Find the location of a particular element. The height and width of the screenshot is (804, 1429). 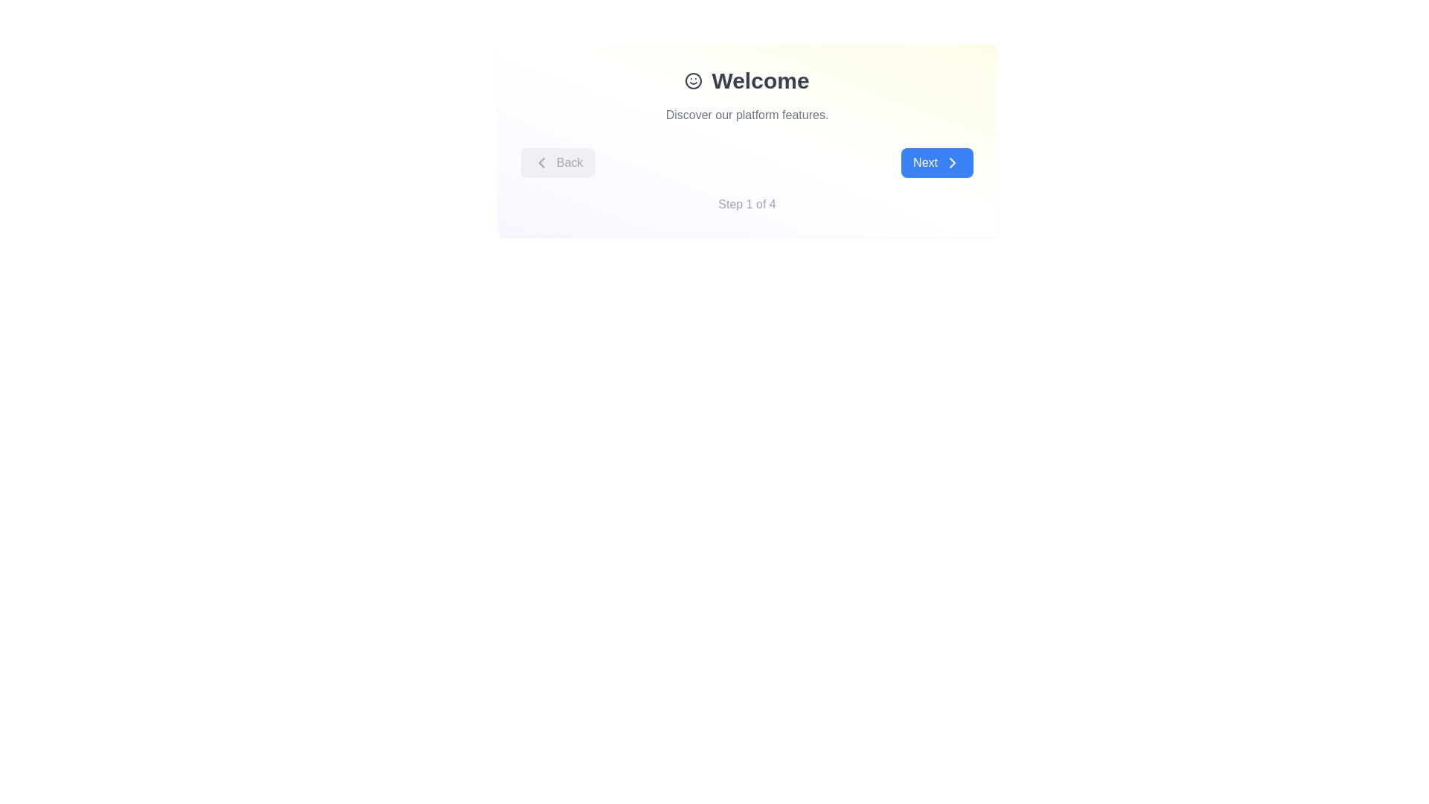

the Header Text with Icon reading 'Welcome' to emphasize it is located at coordinates (747, 80).